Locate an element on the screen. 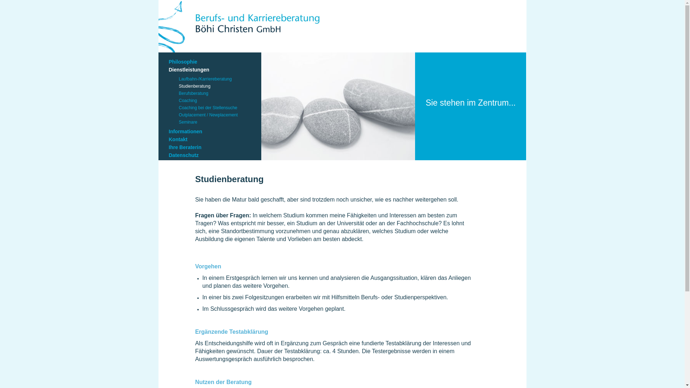 The height and width of the screenshot is (388, 690). 'Ihre Beraterin' is located at coordinates (165, 147).